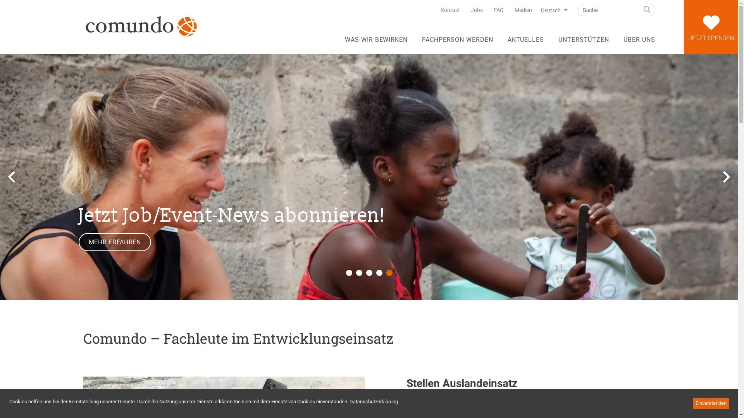  Describe the element at coordinates (11, 176) in the screenshot. I see `'Prev'` at that location.